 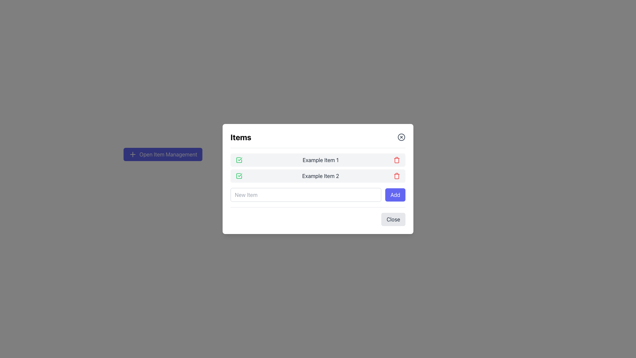 I want to click on the status indicator icon located to the left of 'Example Item 2', so click(x=238, y=176).